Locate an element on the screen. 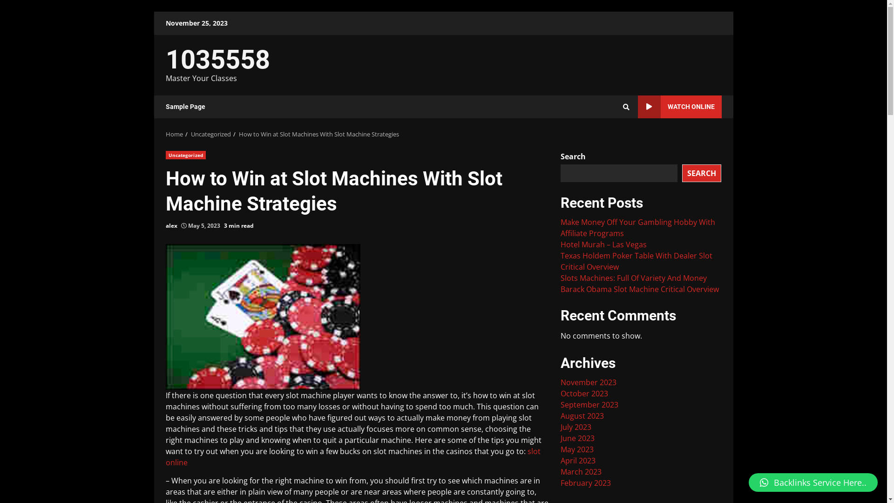  'Search' is located at coordinates (609, 138).